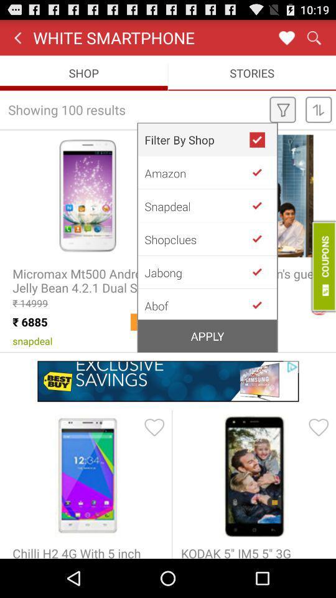 This screenshot has height=598, width=336. What do you see at coordinates (197, 239) in the screenshot?
I see `shopclues app` at bounding box center [197, 239].